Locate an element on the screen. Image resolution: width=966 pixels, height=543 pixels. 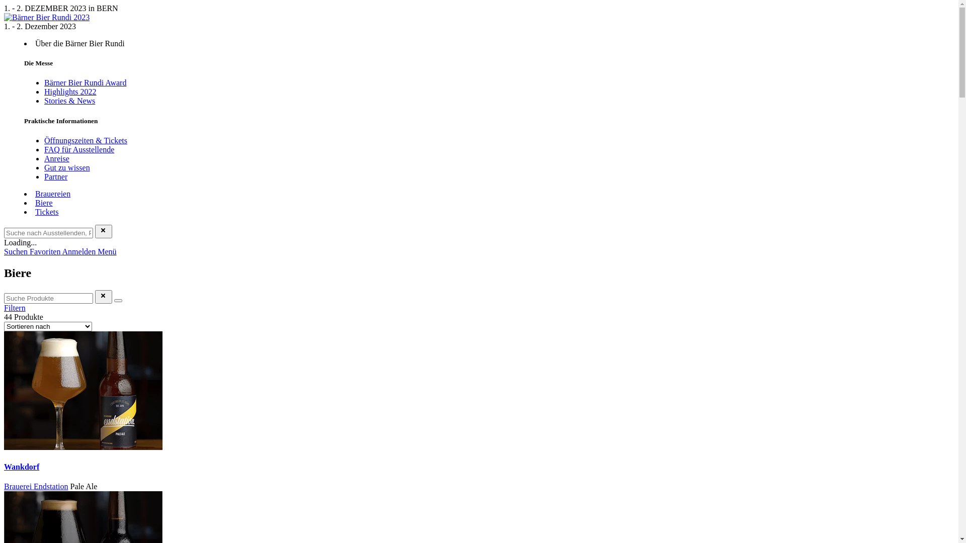
'Partner' is located at coordinates (55, 176).